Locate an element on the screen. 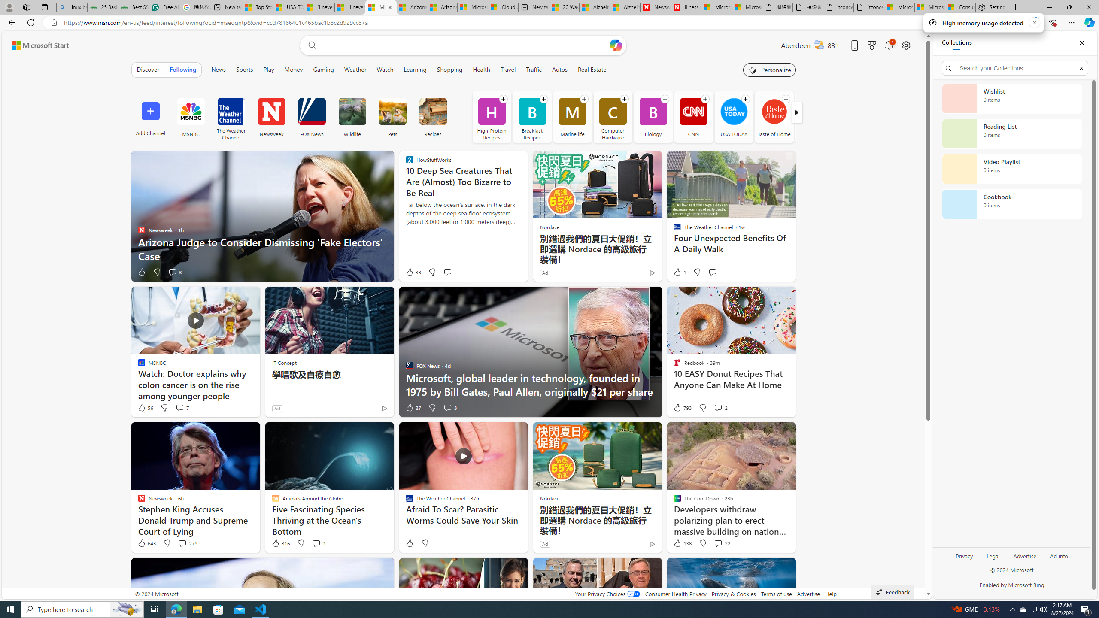 This screenshot has width=1099, height=618. 'Learning' is located at coordinates (415, 69).